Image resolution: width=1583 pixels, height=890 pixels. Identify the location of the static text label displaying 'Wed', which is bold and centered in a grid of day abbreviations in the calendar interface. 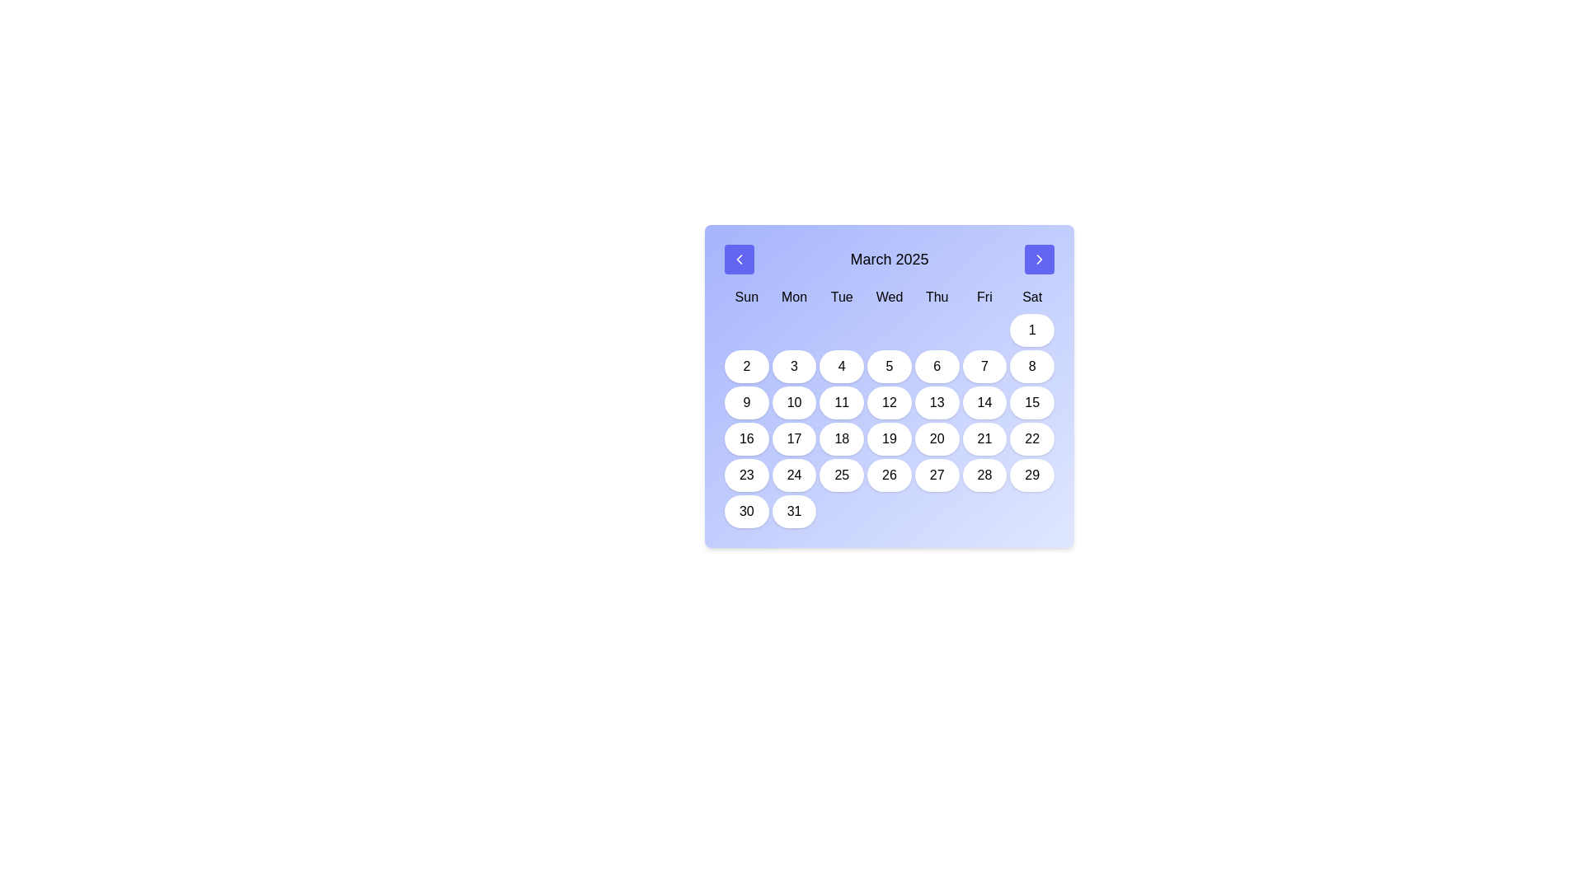
(889, 297).